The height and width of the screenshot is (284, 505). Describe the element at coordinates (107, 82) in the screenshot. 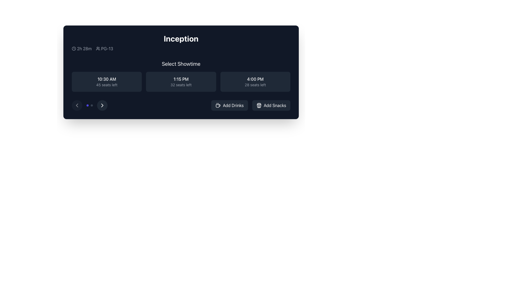

I see `the button displaying '10:30 AM' with '45 seats left'` at that location.